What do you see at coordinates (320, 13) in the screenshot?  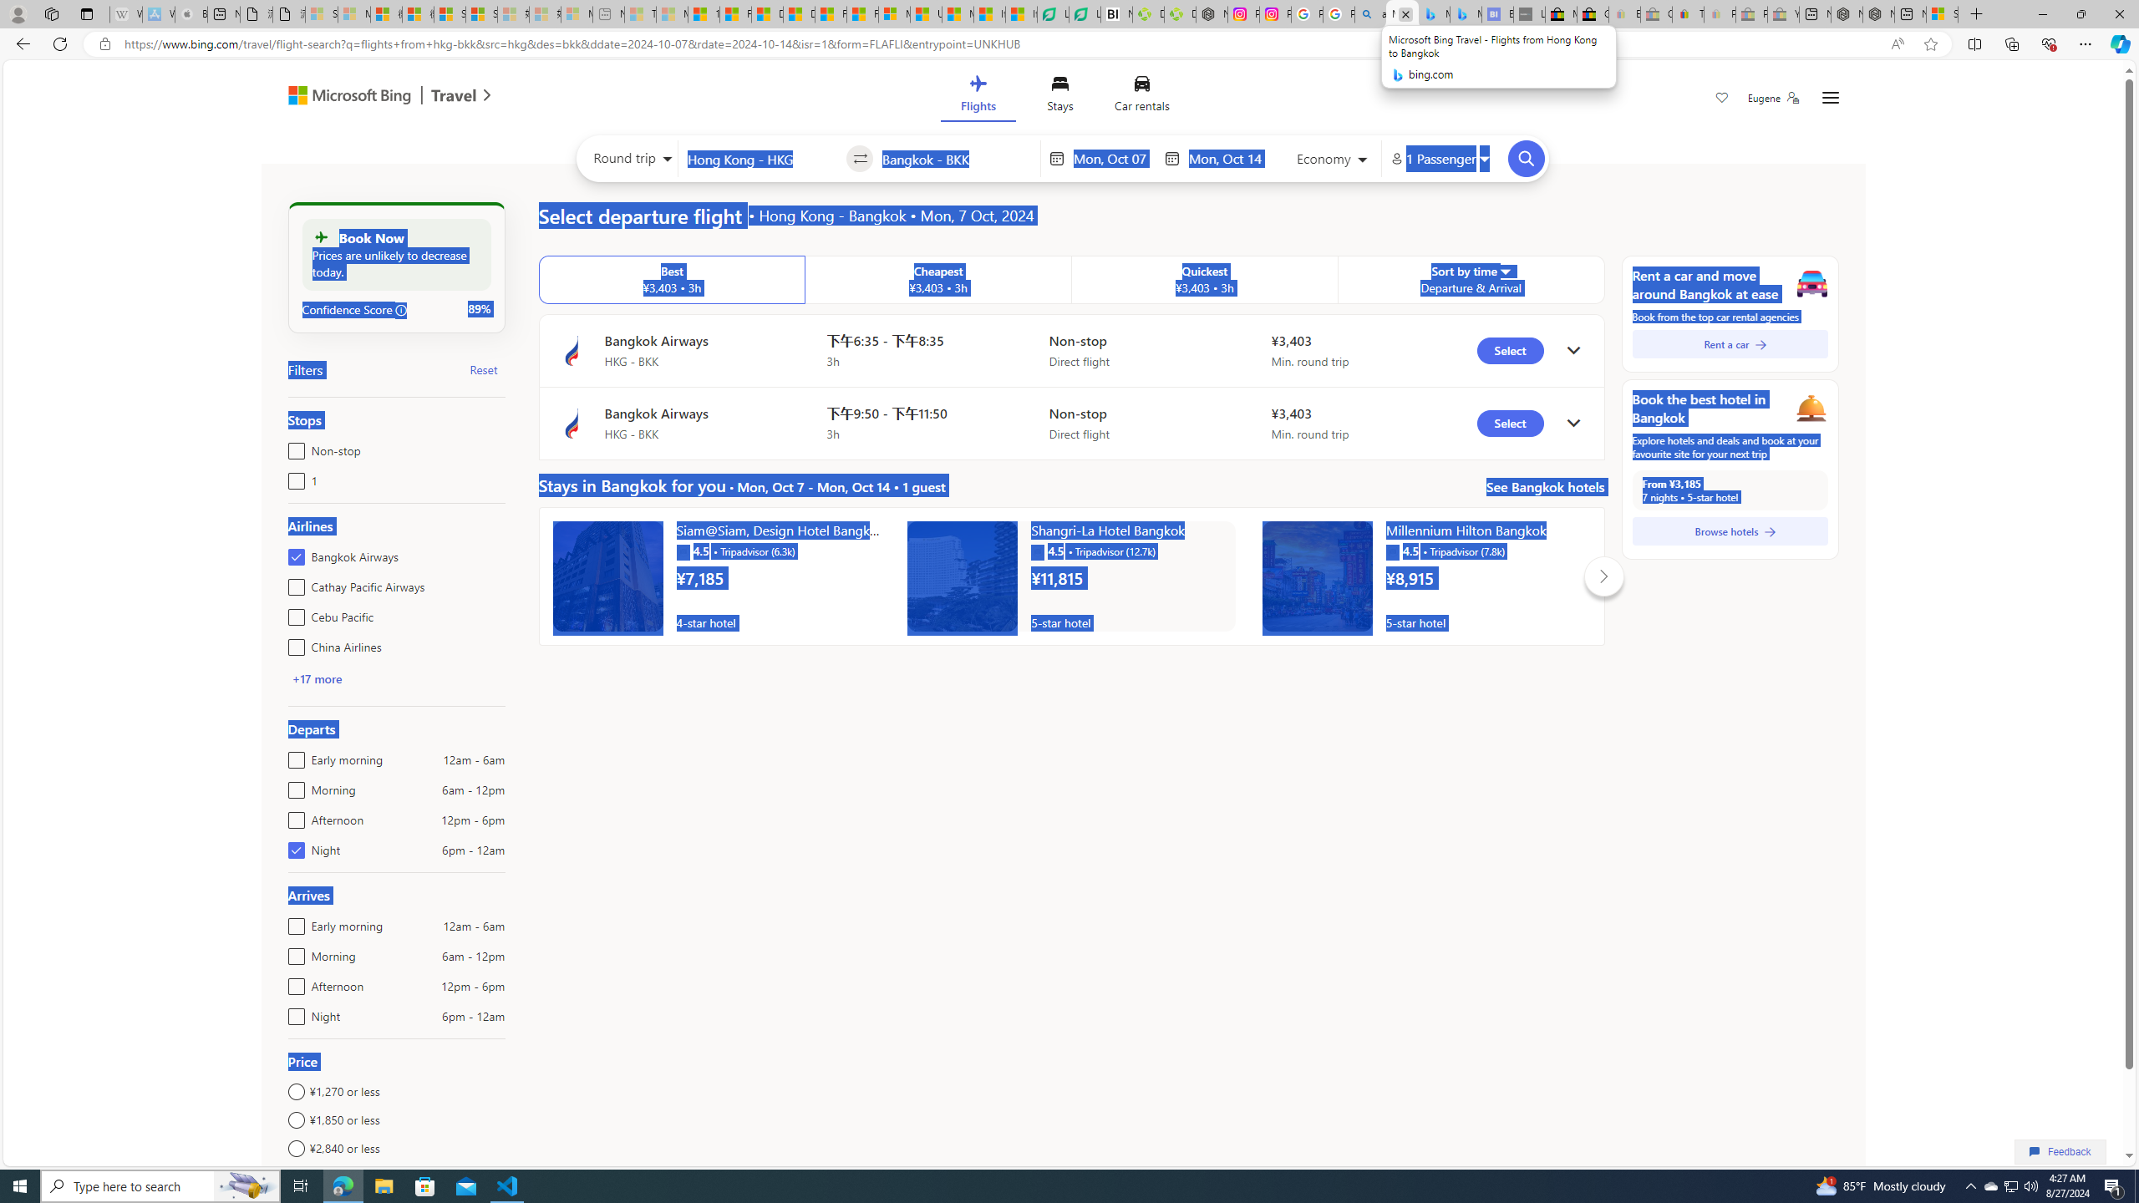 I see `'Sign in to your Microsoft account - Sleeping'` at bounding box center [320, 13].